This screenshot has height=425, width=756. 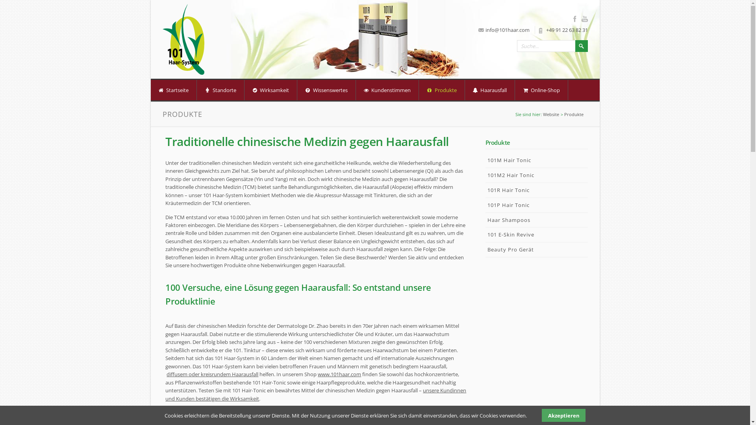 I want to click on 'Website', so click(x=550, y=114).